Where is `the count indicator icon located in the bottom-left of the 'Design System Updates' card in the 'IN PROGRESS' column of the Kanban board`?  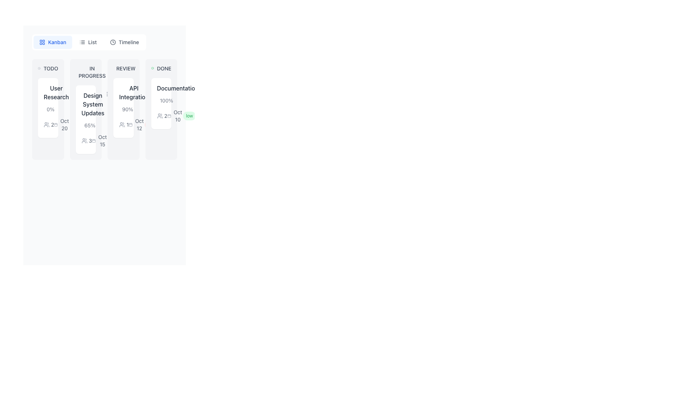 the count indicator icon located in the bottom-left of the 'Design System Updates' card in the 'IN PROGRESS' column of the Kanban board is located at coordinates (86, 140).